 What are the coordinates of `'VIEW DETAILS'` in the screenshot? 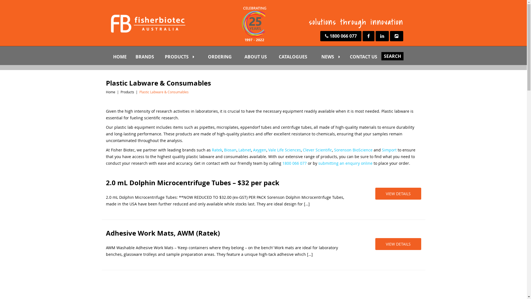 It's located at (375, 244).